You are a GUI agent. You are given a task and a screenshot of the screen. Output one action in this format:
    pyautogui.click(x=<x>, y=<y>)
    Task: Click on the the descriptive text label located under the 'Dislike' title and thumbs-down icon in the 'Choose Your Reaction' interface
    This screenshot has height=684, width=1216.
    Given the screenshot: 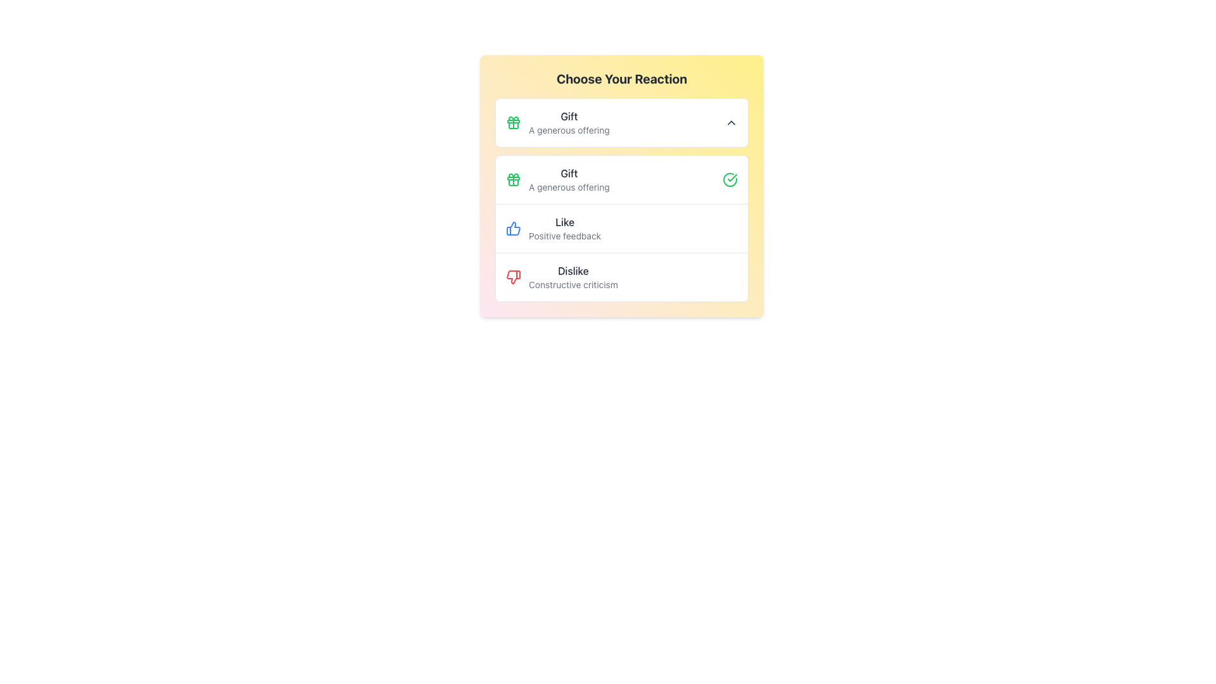 What is the action you would take?
    pyautogui.click(x=573, y=285)
    